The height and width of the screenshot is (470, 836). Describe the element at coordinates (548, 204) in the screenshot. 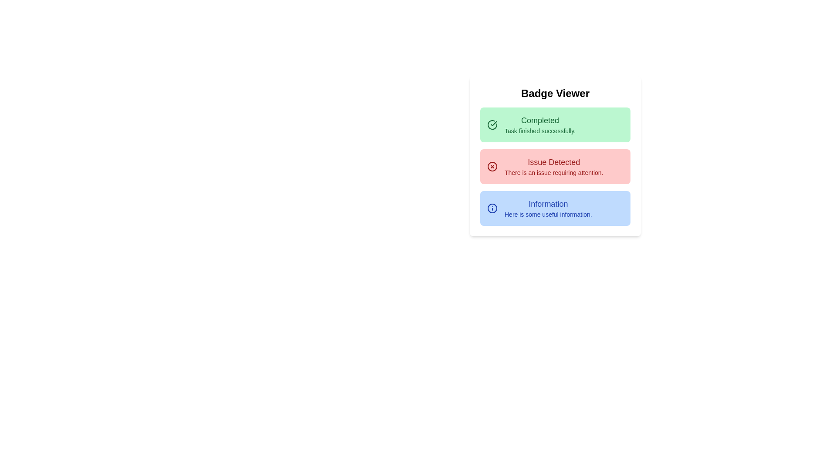

I see `the 'Information' text label, which is styled in bold blue font against a light blue background, located at the center of the bounding box coordinates` at that location.